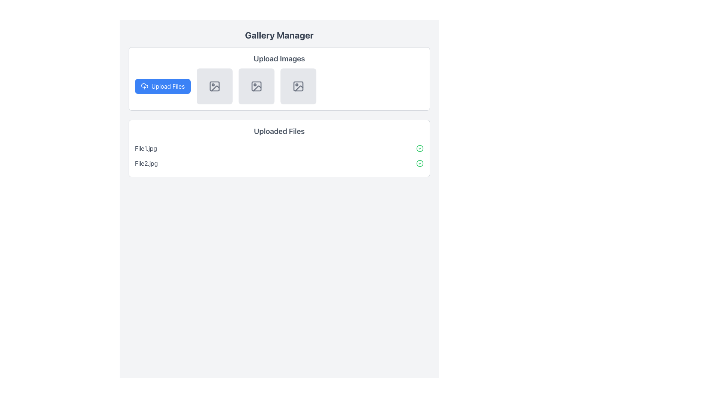  I want to click on the Icon Button for uploading or selecting an image, located as the third element under the 'Upload Images' section, so click(298, 86).